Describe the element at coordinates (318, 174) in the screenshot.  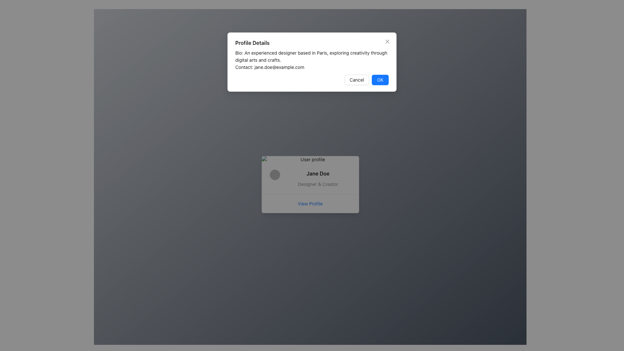
I see `the Text Label element that serves as the title or name designation within the user profile card` at that location.